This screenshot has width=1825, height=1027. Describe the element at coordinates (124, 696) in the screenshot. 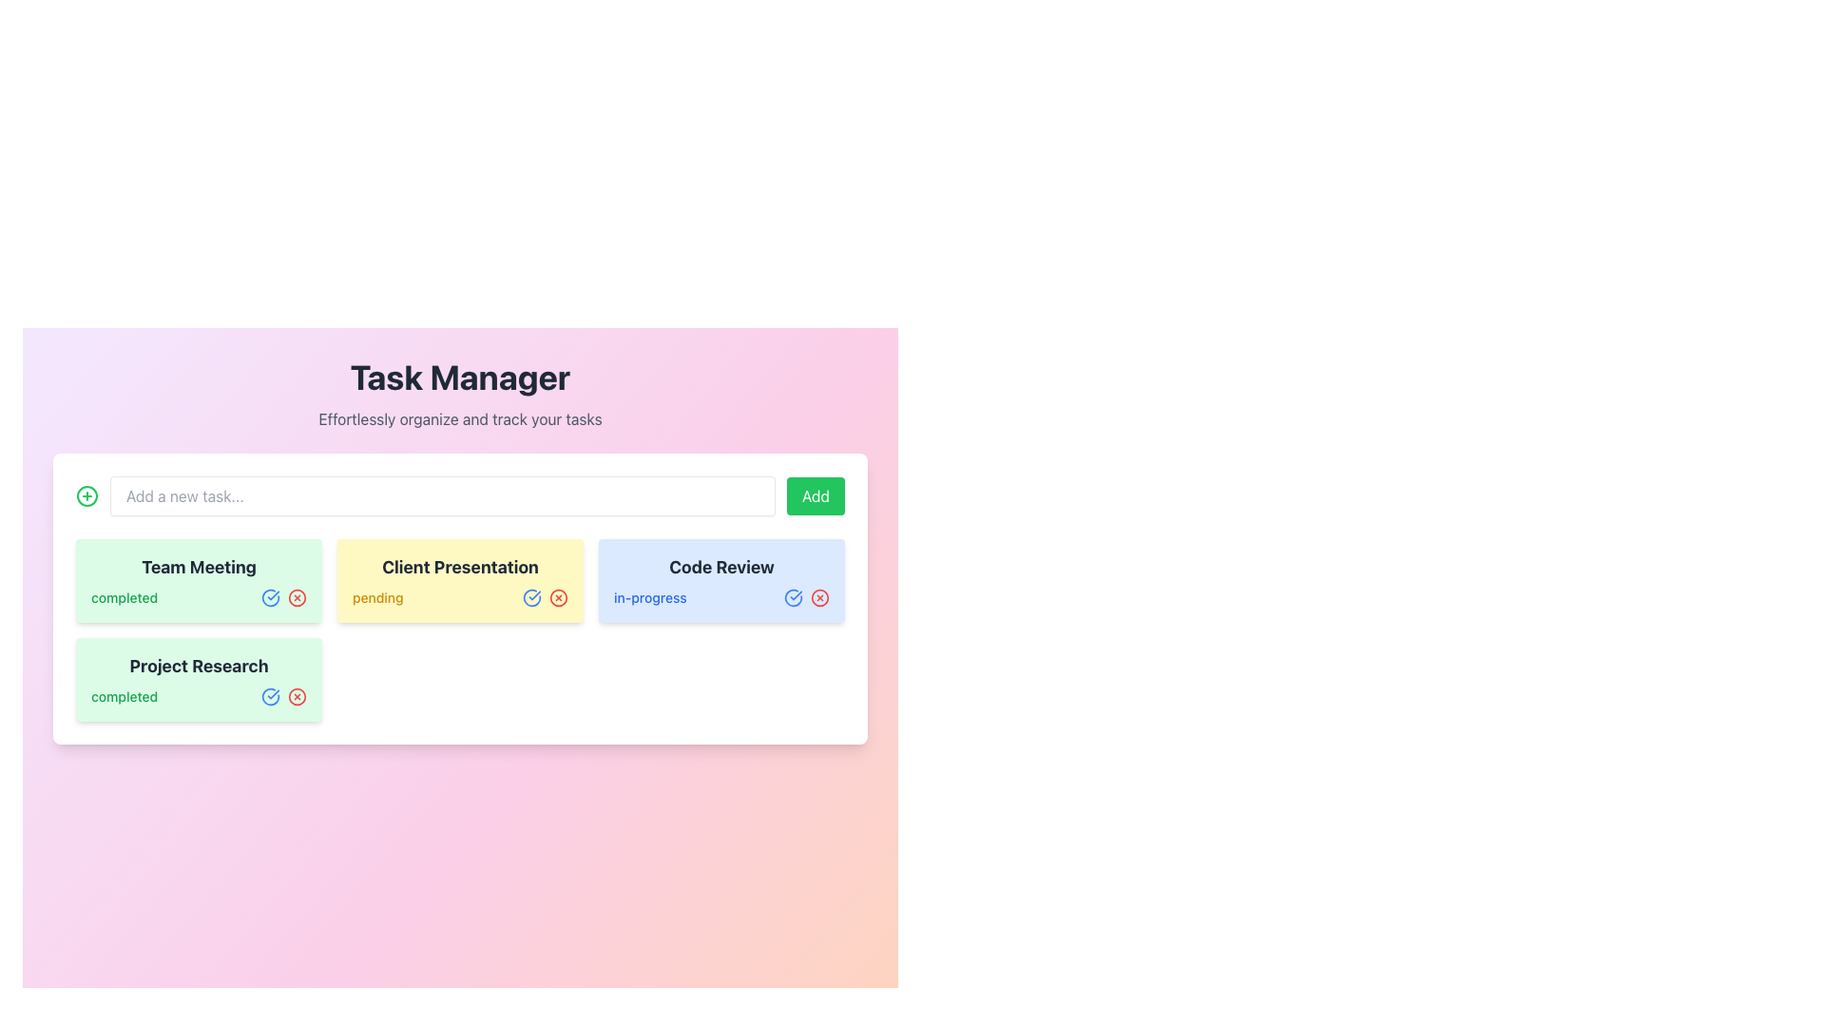

I see `the green text label displaying 'completed' within the 'Project Research' task card, located below the 'Team Meeting' card` at that location.